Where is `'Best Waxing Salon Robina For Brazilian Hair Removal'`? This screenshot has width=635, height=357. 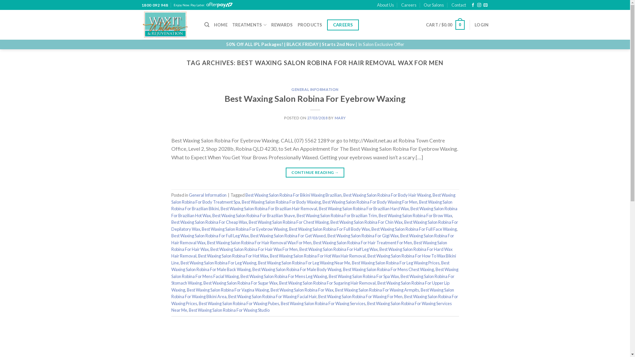 'Best Waxing Salon Robina For Brazilian Hair Removal' is located at coordinates (268, 209).